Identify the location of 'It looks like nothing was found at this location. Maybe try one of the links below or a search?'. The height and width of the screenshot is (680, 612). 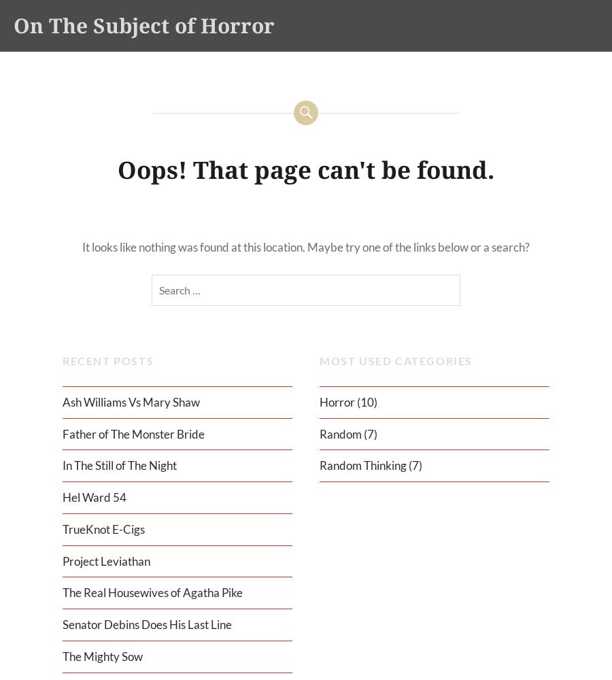
(306, 245).